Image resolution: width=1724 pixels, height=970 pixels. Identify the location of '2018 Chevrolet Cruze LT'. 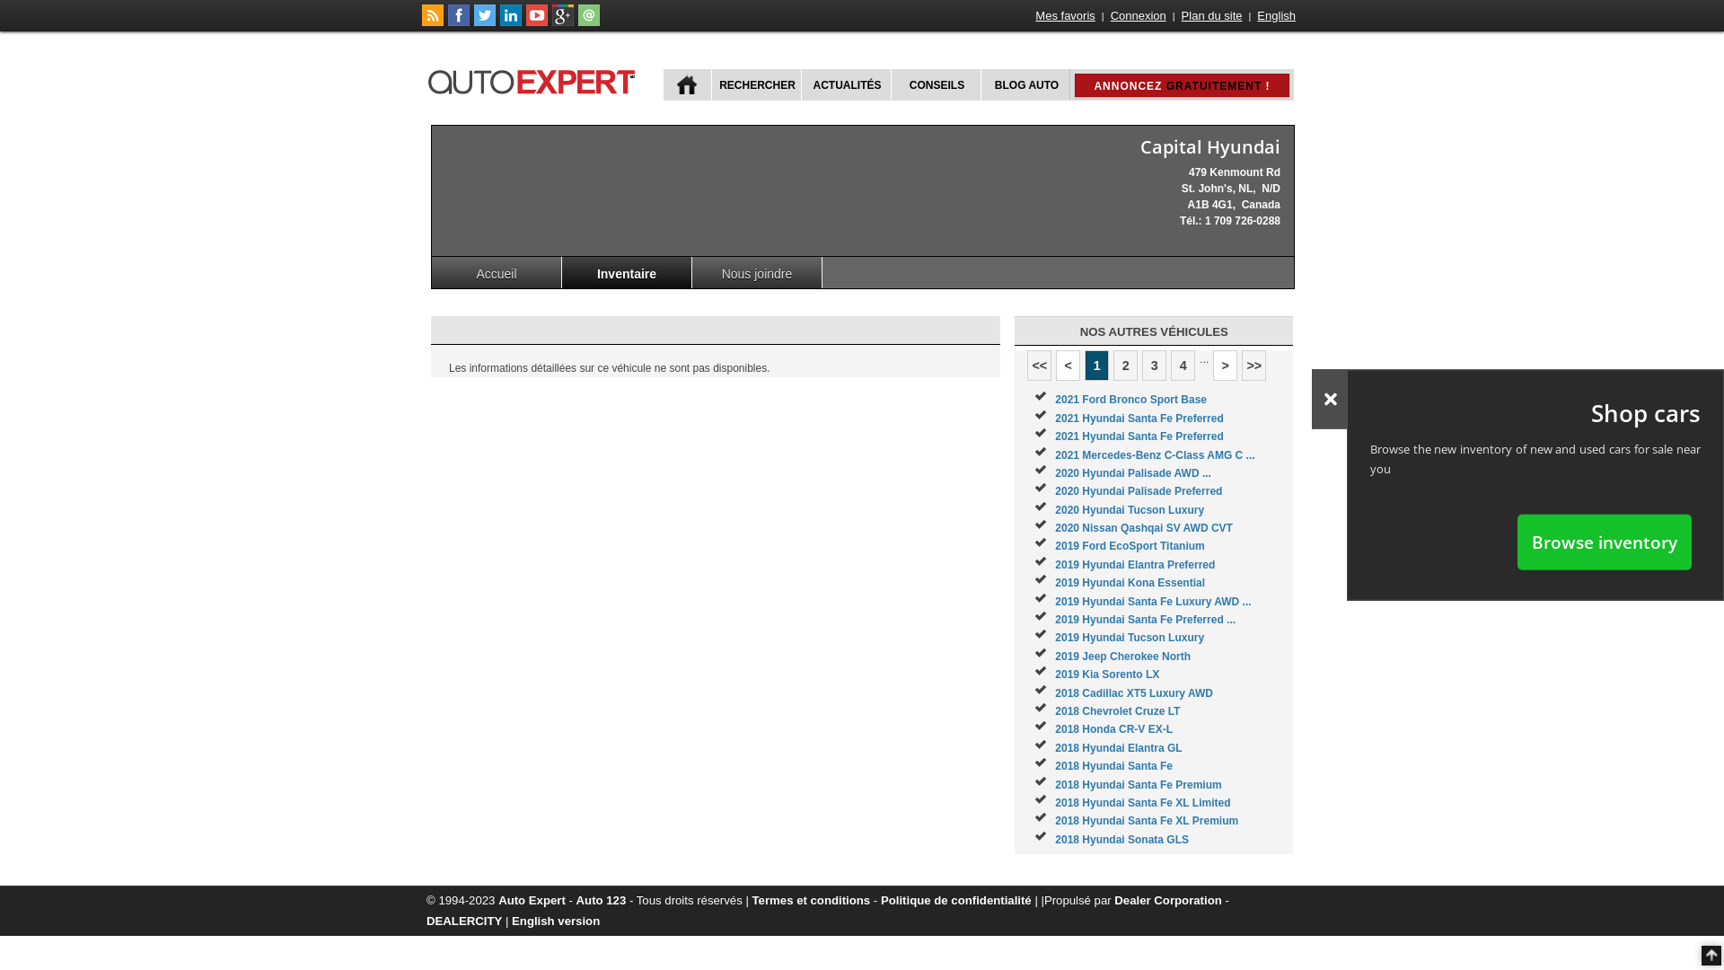
(1116, 710).